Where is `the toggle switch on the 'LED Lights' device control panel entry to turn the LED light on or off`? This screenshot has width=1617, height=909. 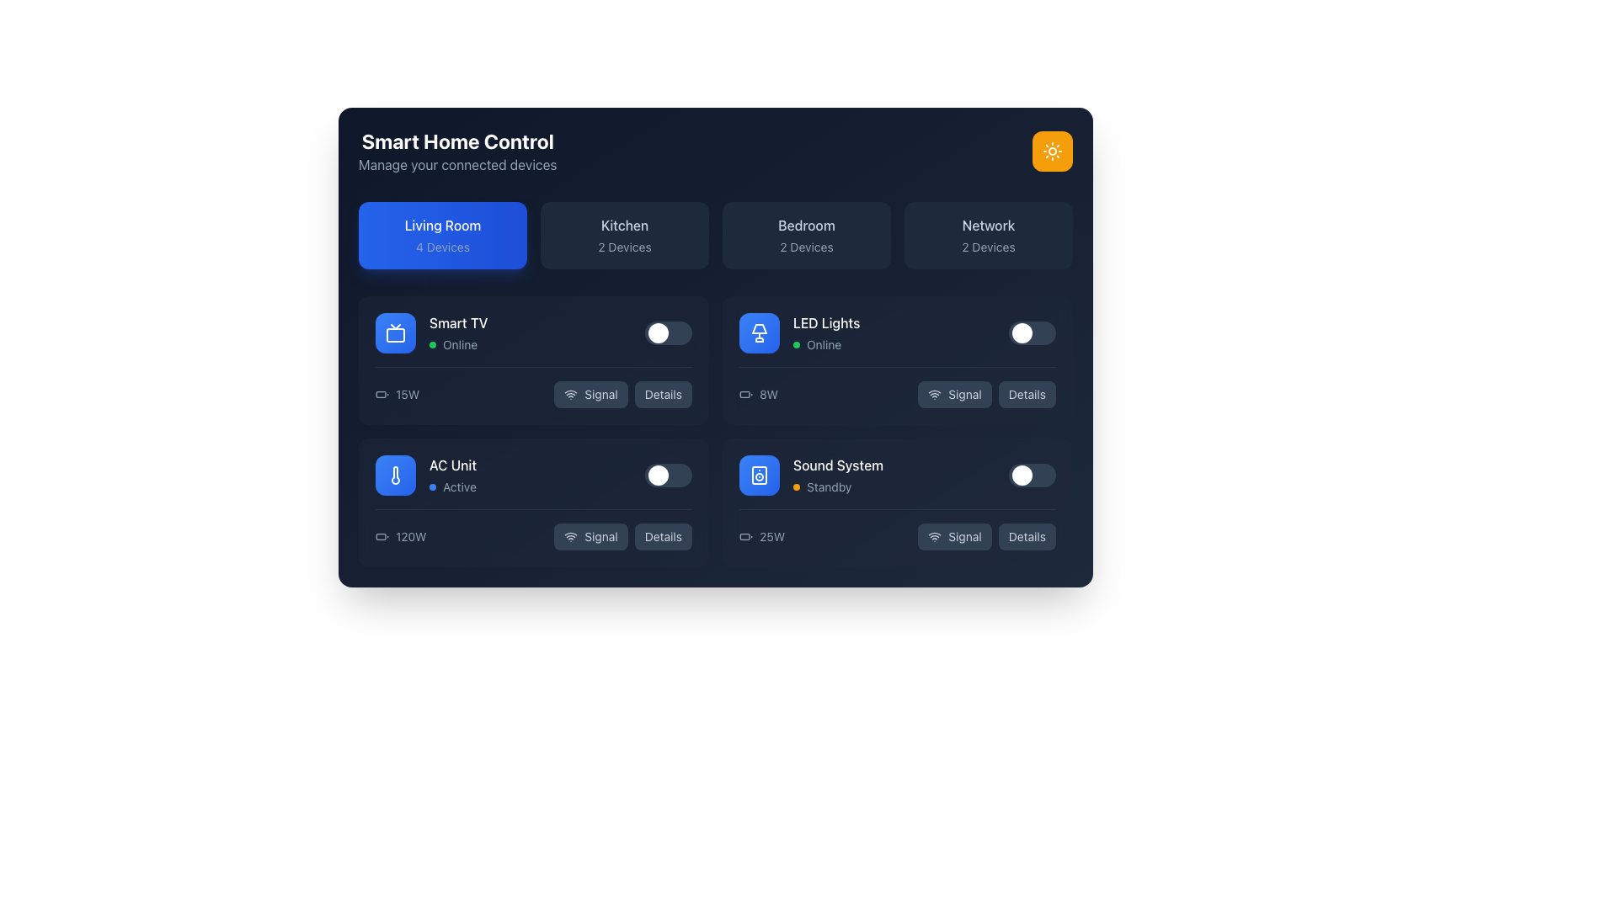 the toggle switch on the 'LED Lights' device control panel entry to turn the LED light on or off is located at coordinates (896, 333).